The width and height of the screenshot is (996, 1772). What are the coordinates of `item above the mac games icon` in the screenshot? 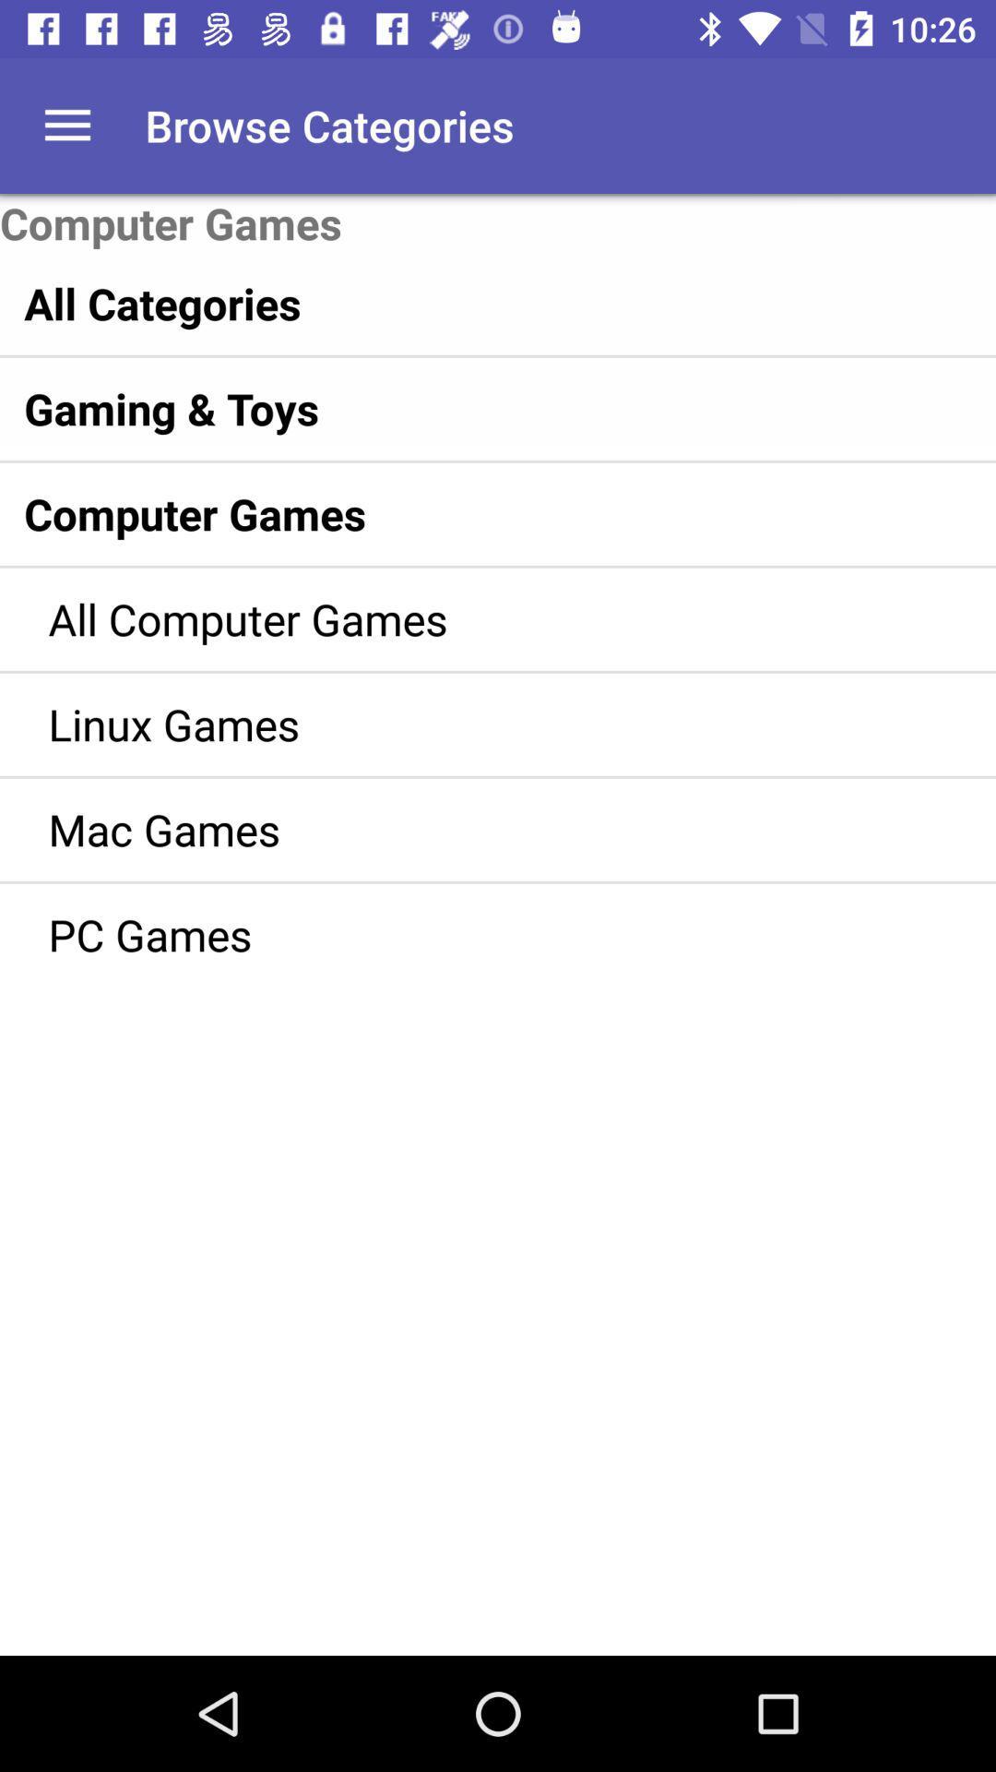 It's located at (470, 723).